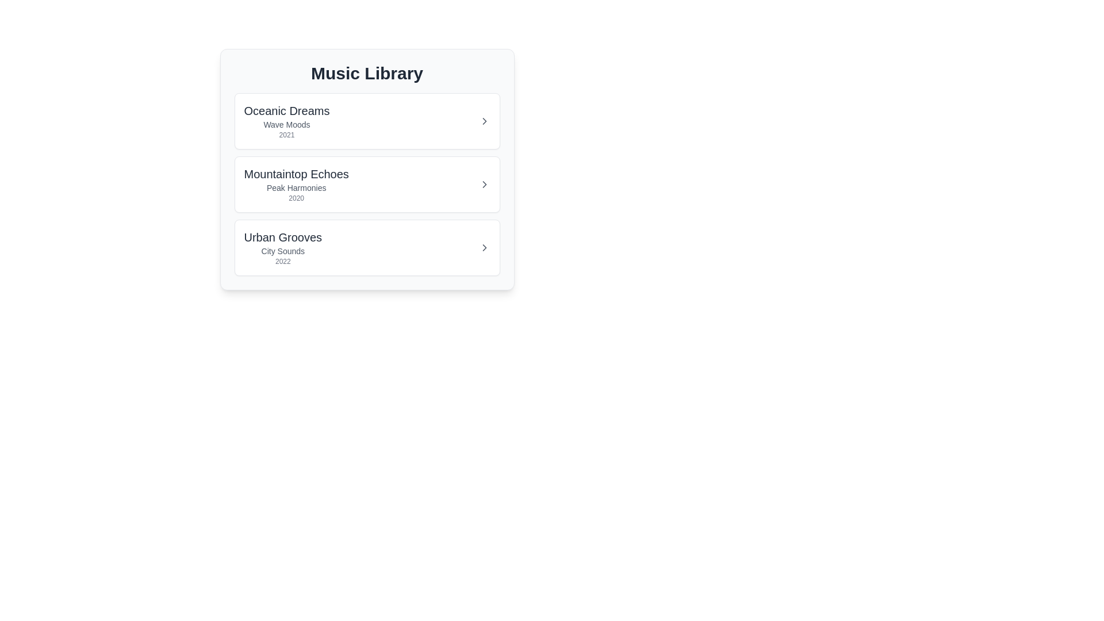  What do you see at coordinates (366, 247) in the screenshot?
I see `the album item Urban Grooves to view its hover effect` at bounding box center [366, 247].